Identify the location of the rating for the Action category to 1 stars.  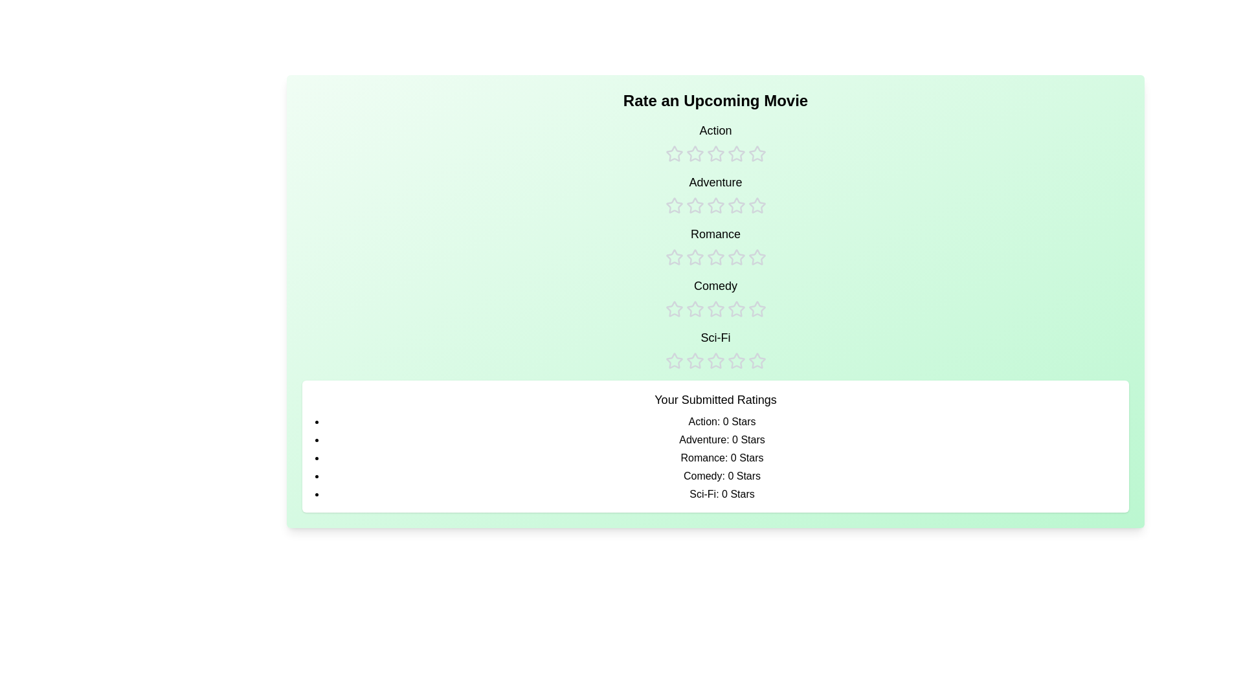
(673, 142).